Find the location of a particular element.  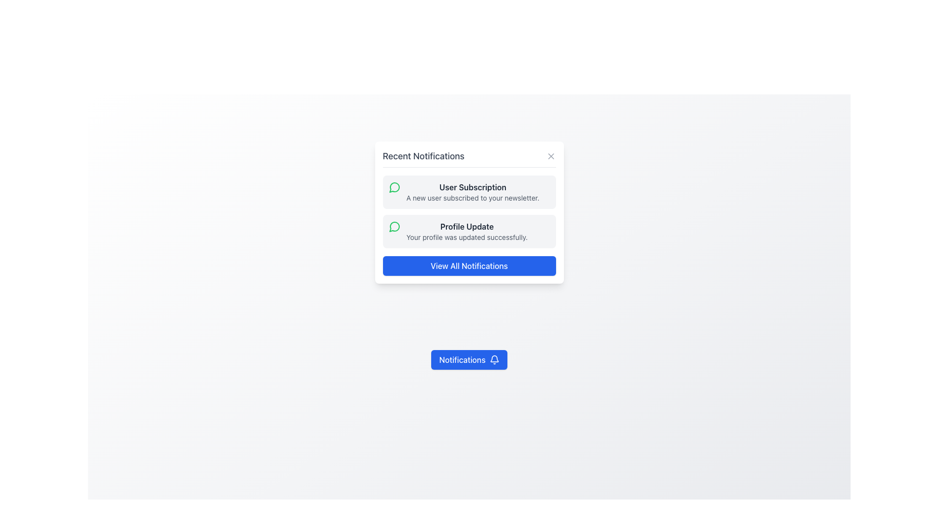

the close ('X') icon located at the upper-right corner of the notification panel is located at coordinates (551, 155).